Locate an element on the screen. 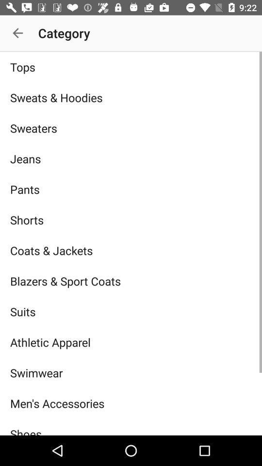 The image size is (262, 466). item below suits item is located at coordinates (131, 342).